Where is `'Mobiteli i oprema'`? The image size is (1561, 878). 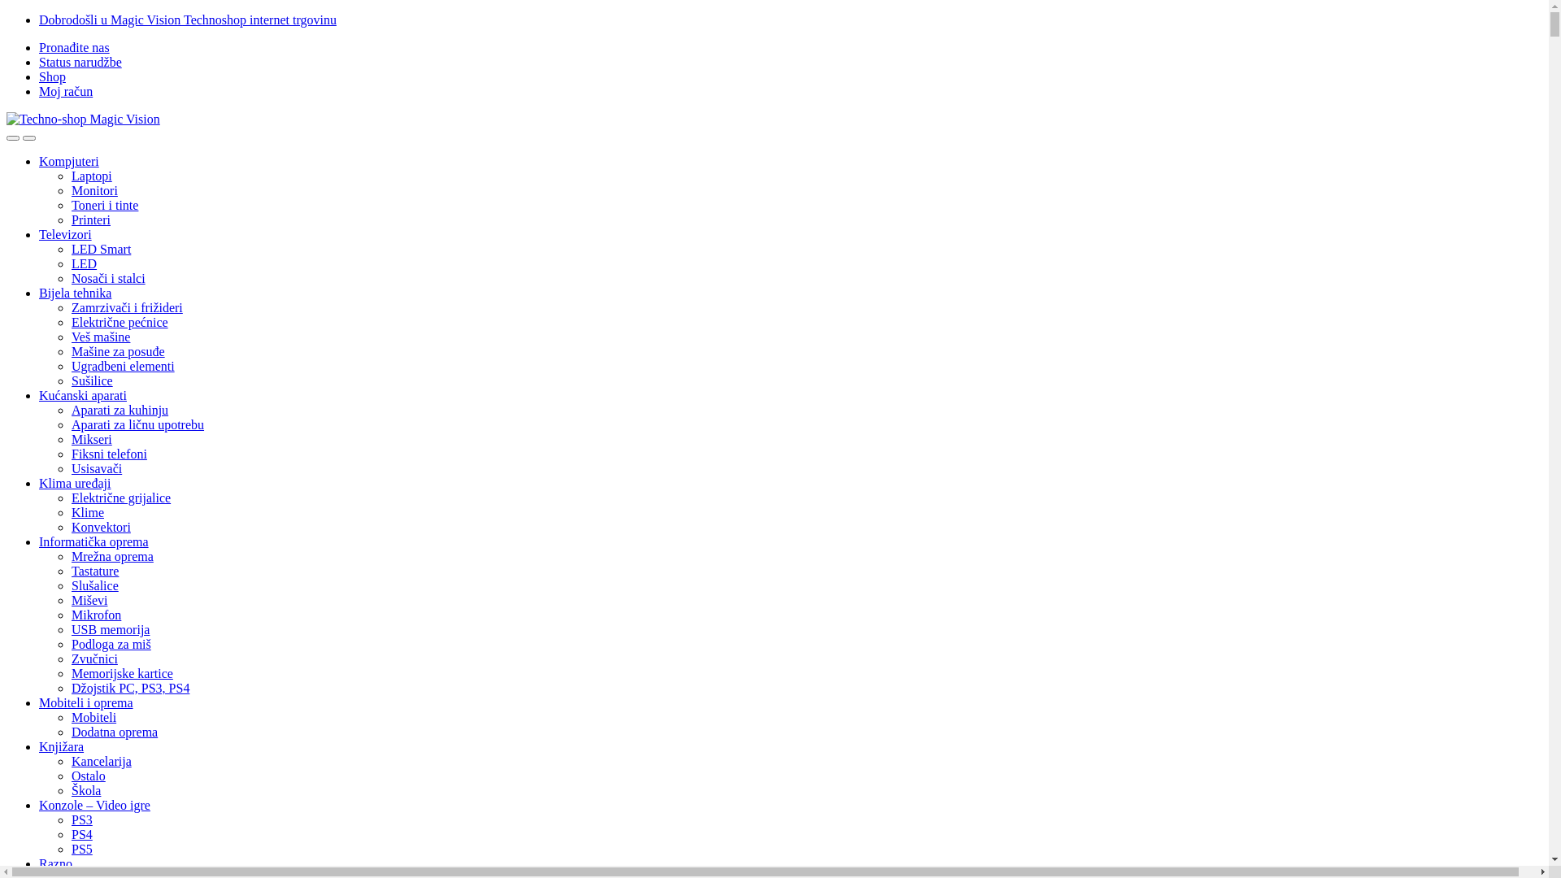 'Mobiteli i oprema' is located at coordinates (85, 702).